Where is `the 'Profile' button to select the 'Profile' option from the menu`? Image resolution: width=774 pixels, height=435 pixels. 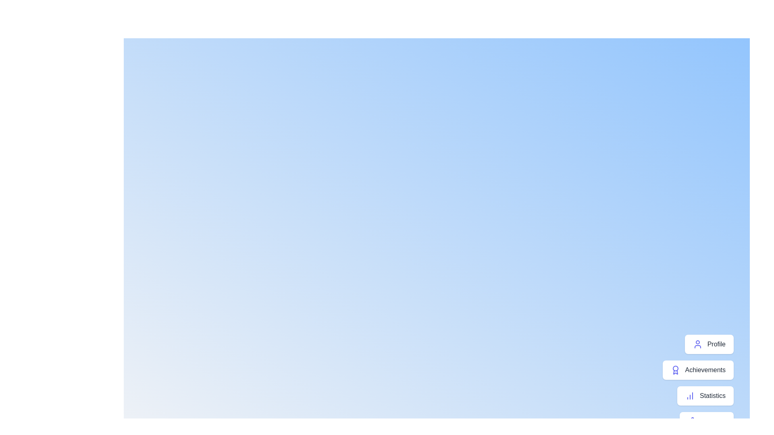 the 'Profile' button to select the 'Profile' option from the menu is located at coordinates (708, 344).